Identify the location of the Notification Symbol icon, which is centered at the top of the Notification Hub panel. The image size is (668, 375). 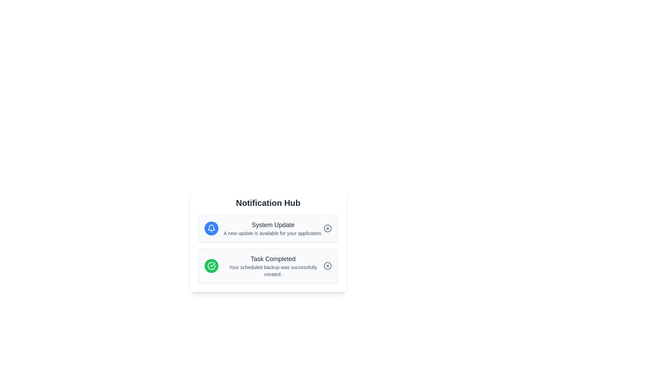
(211, 228).